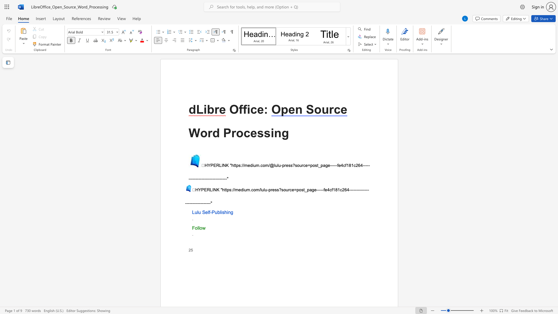  What do you see at coordinates (207, 133) in the screenshot?
I see `the space between the continuous character "o" and "r" in the text` at bounding box center [207, 133].